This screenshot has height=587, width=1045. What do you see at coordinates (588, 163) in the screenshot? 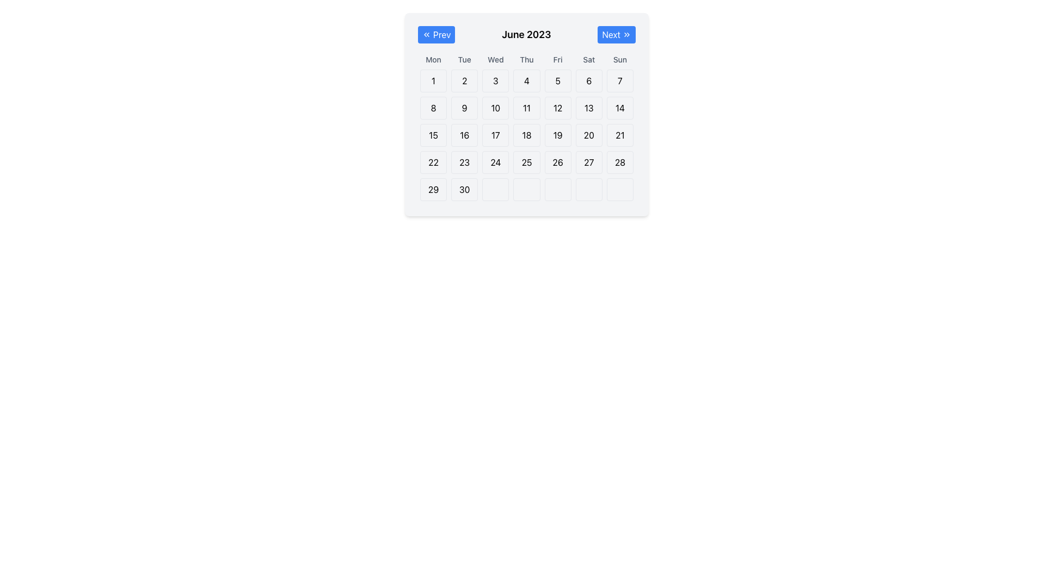
I see `the selectable cell displaying the number '27', which is the 6th cell in a row of 7 cells in the calendar interface` at bounding box center [588, 163].